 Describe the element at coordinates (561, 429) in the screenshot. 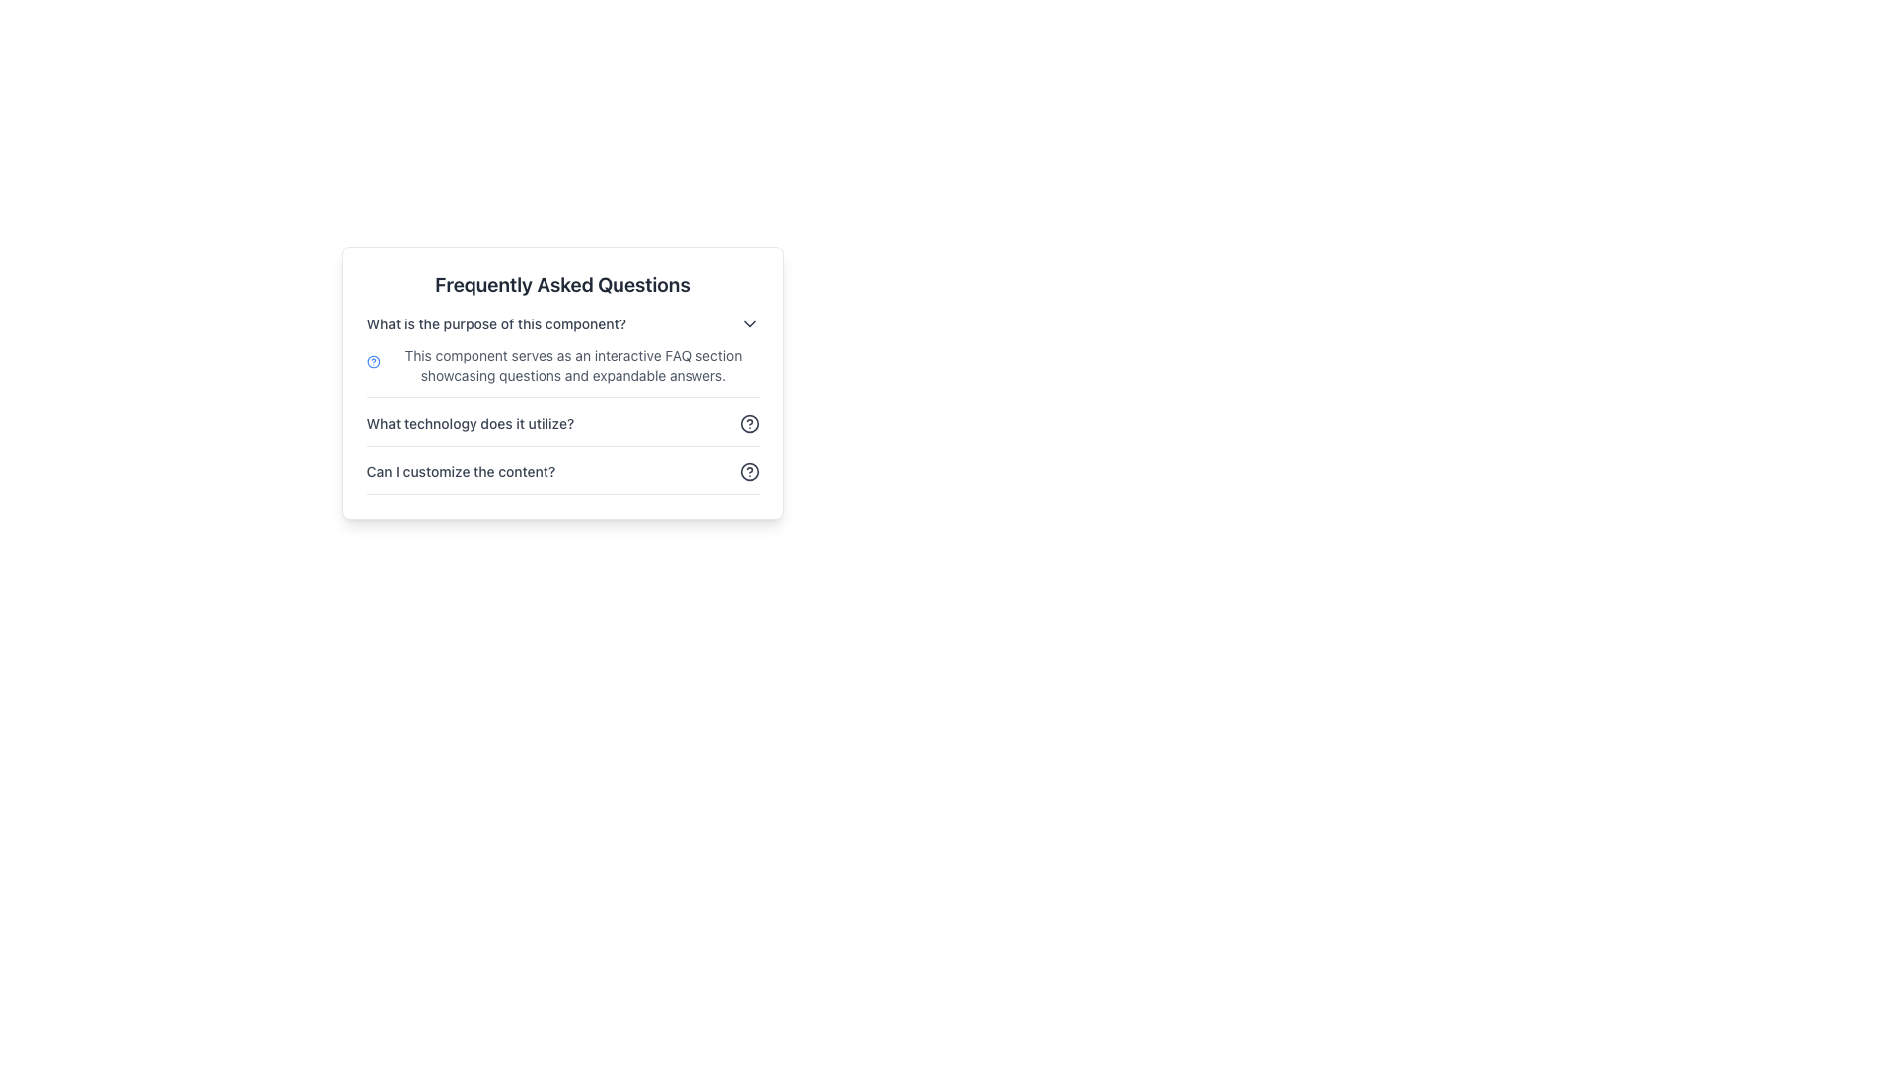

I see `the question mark icon in the second FAQ section header` at that location.